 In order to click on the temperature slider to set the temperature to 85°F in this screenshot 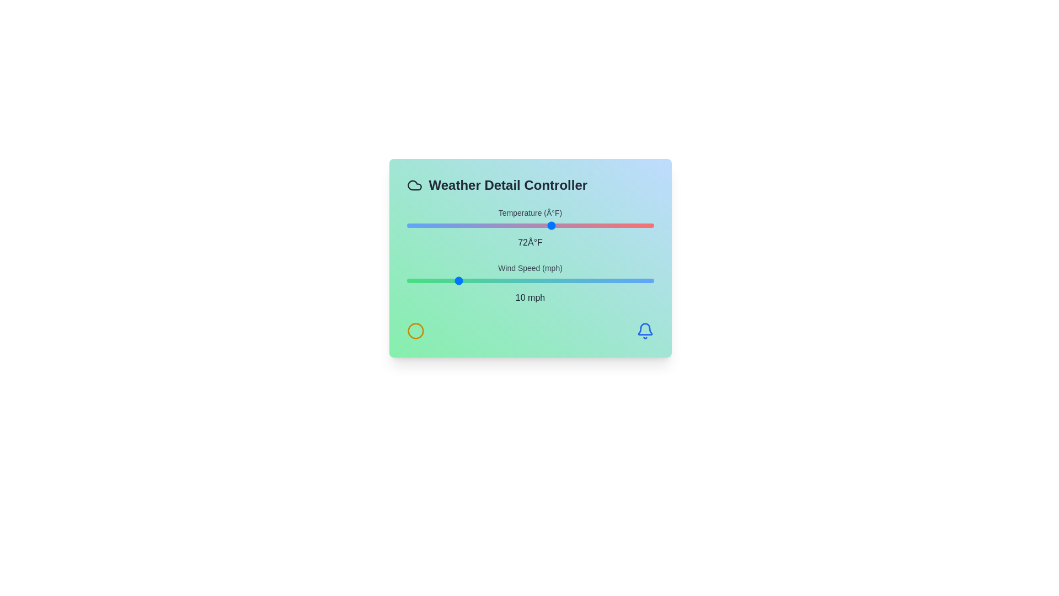, I will do `click(598, 225)`.